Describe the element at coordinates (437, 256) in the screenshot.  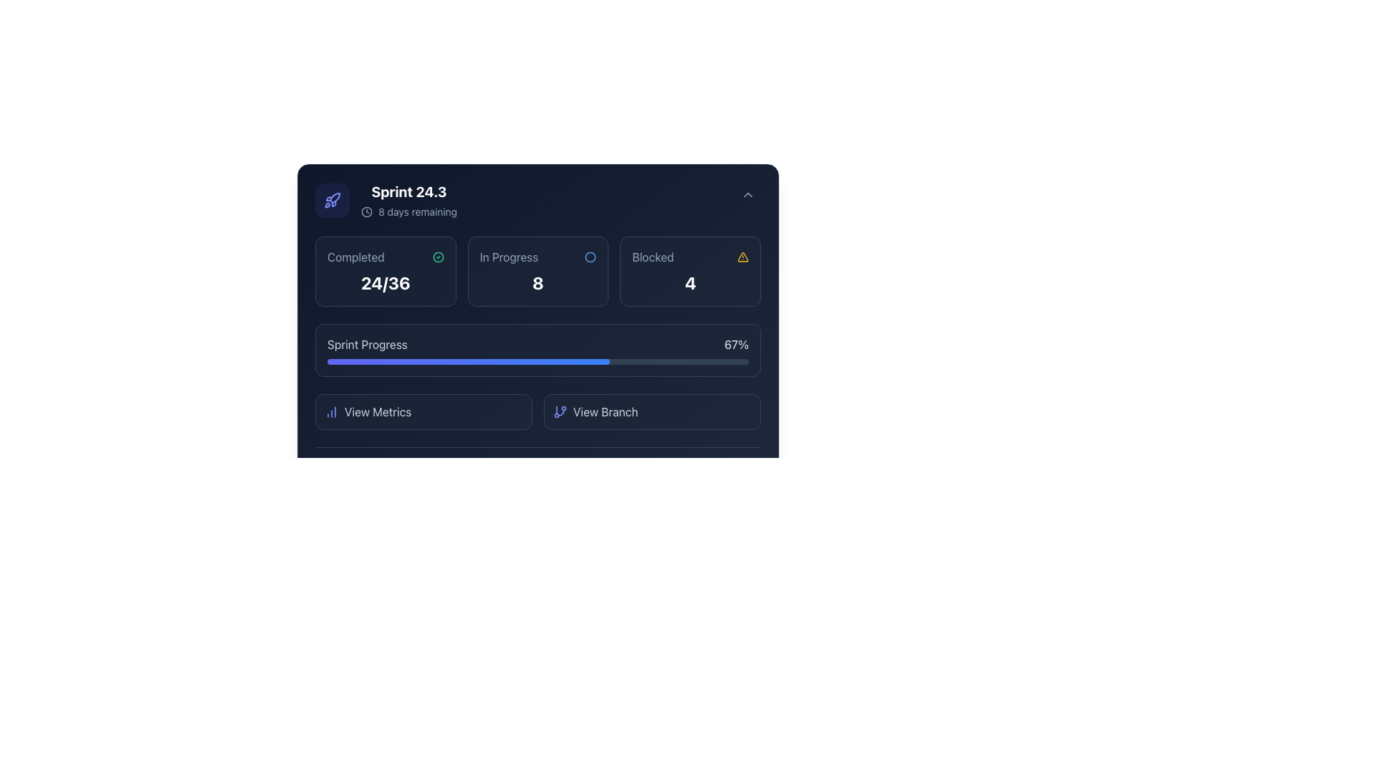
I see `the small circle icon with a checkmark inside, which is styled with a thin border and a greenish color, located next to the 'Completed' text within a dark-themed status card` at that location.